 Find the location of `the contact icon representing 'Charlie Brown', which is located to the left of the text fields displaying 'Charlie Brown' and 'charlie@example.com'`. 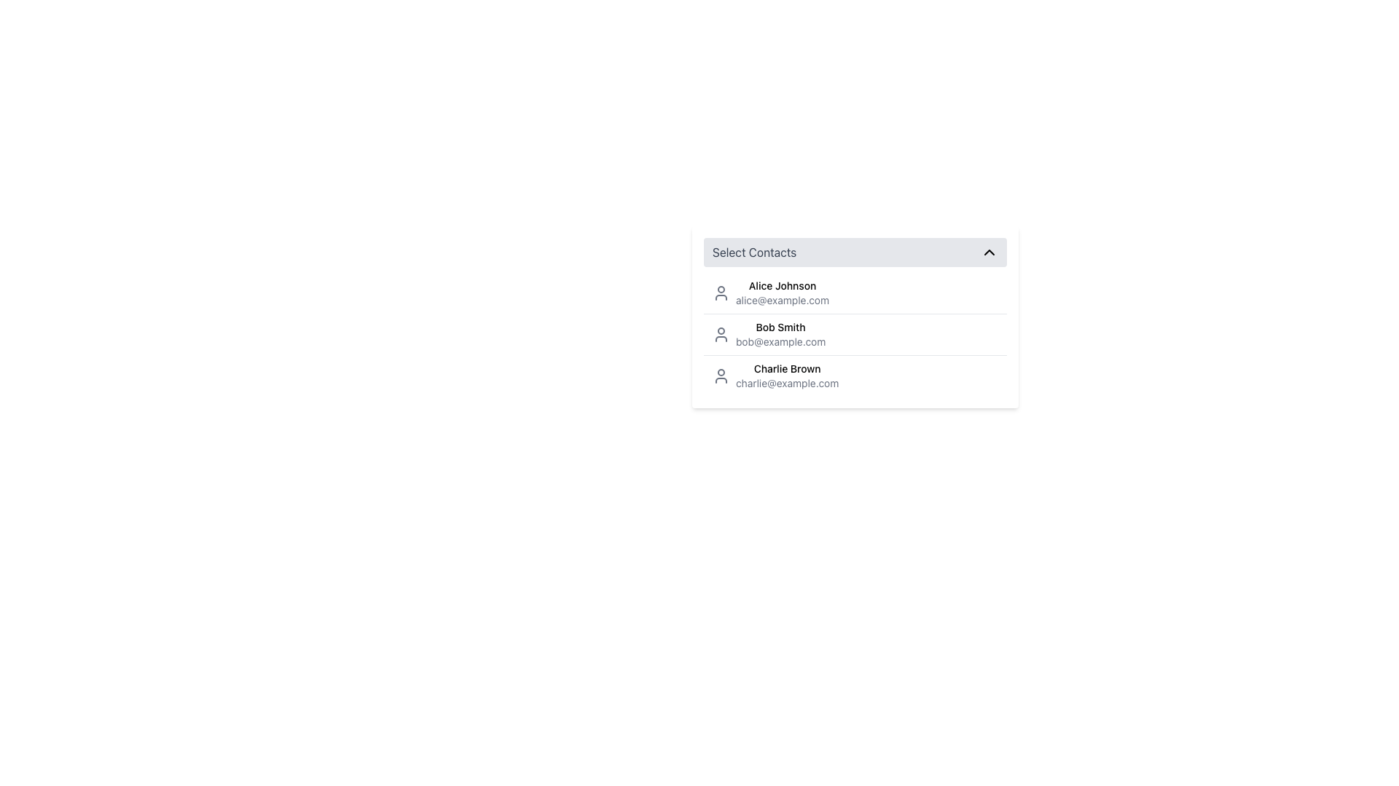

the contact icon representing 'Charlie Brown', which is located to the left of the text fields displaying 'Charlie Brown' and 'charlie@example.com' is located at coordinates (721, 375).